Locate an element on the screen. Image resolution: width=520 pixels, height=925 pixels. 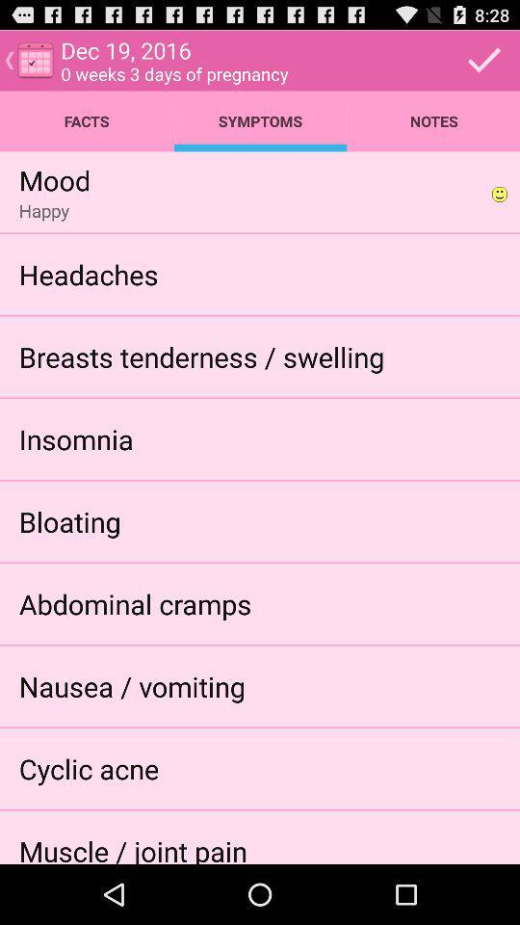
the tick mark which is on the top right corner of the page is located at coordinates (483, 61).